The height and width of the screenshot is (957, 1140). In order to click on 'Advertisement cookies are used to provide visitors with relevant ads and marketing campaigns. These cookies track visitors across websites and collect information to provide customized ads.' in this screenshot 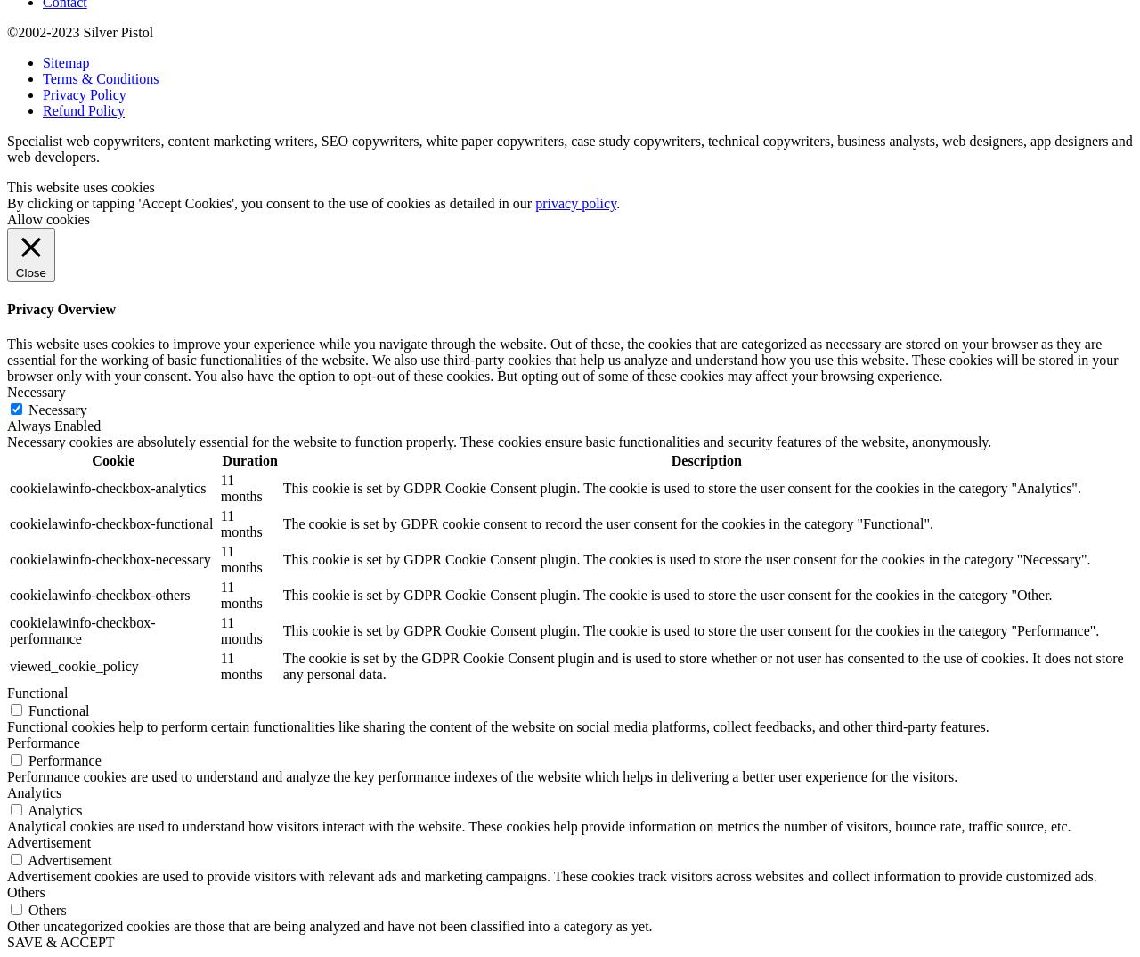, I will do `click(7, 875)`.